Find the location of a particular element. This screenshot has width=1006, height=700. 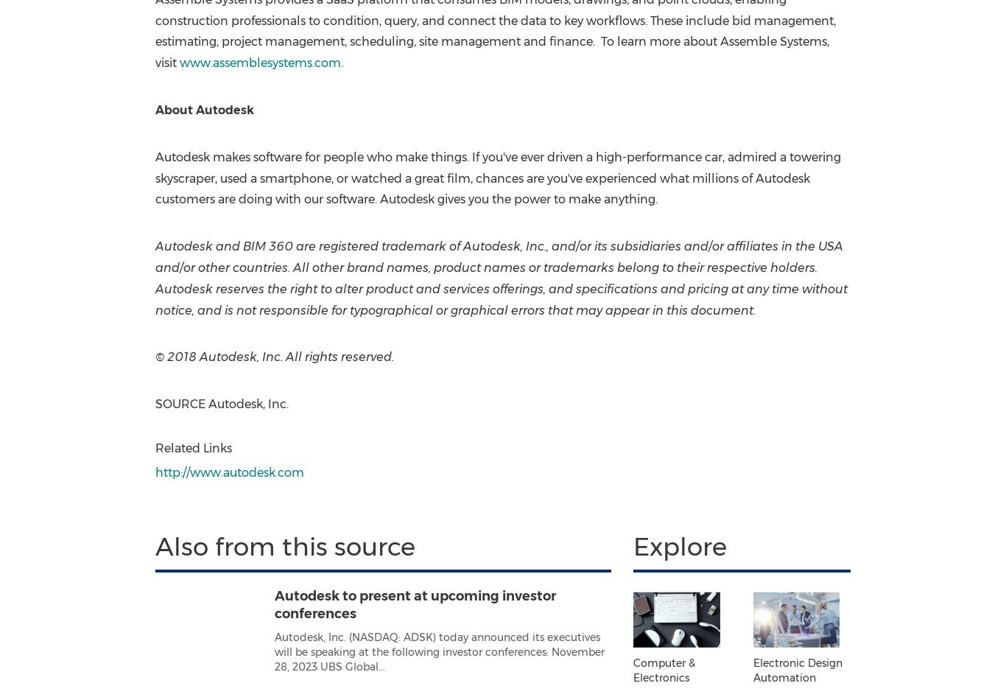

'Autodesk, Inc. (NASDAQ: ADSK) today announced its executives will be speaking at the following investor conferences: November 28, 2023 UBS Global...' is located at coordinates (437, 650).